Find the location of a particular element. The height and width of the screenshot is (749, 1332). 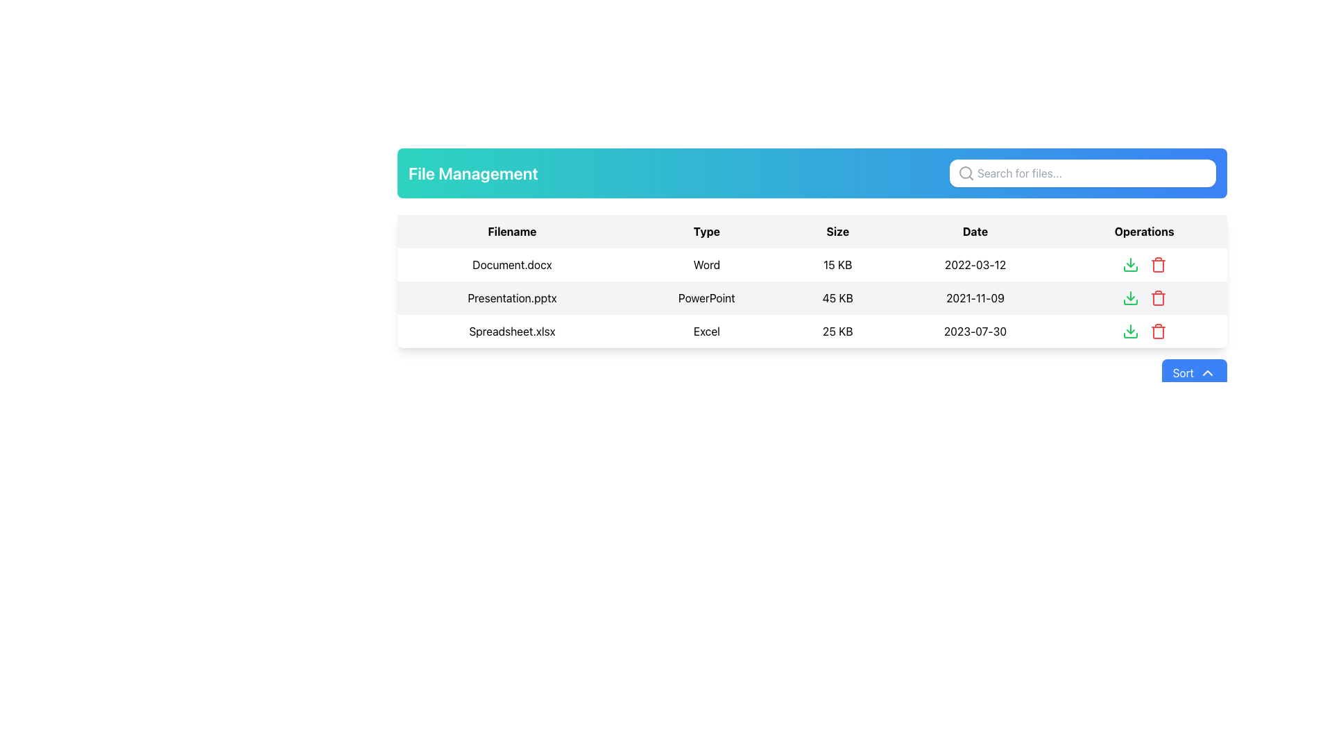

the upward-pointing chevron icon located to the right of the 'Sort' button in the bottom right corner is located at coordinates (1207, 372).